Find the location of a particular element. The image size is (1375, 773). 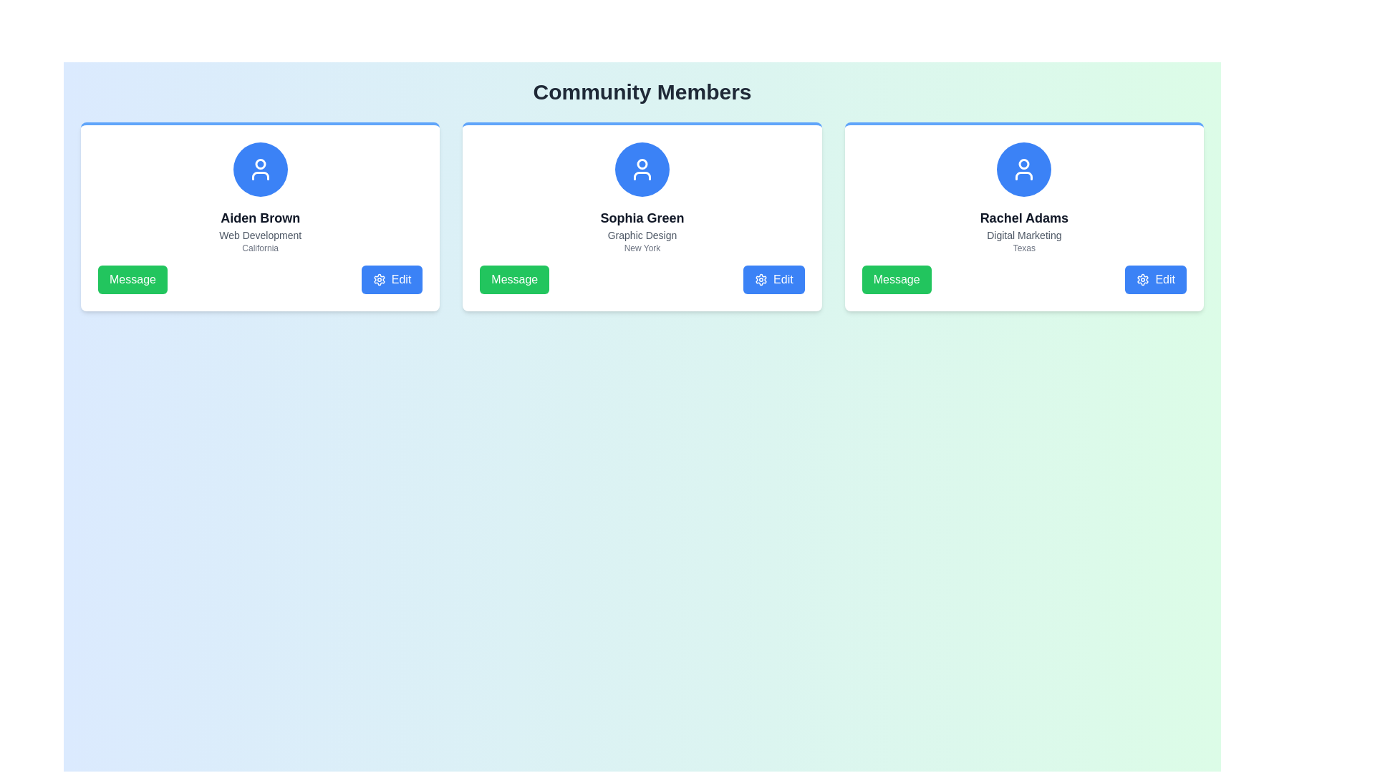

the circular blue icon representing Rachel Adams located at the top center of the third card from the left in the 'Community Members' row is located at coordinates (1023, 163).